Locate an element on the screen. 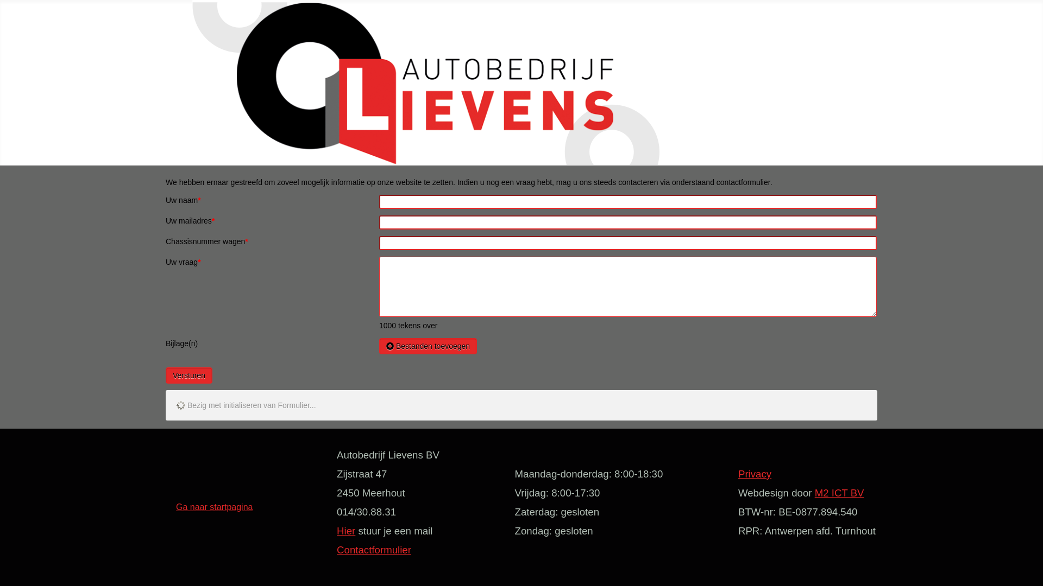 The image size is (1043, 586). 'Privacy' is located at coordinates (754, 473).